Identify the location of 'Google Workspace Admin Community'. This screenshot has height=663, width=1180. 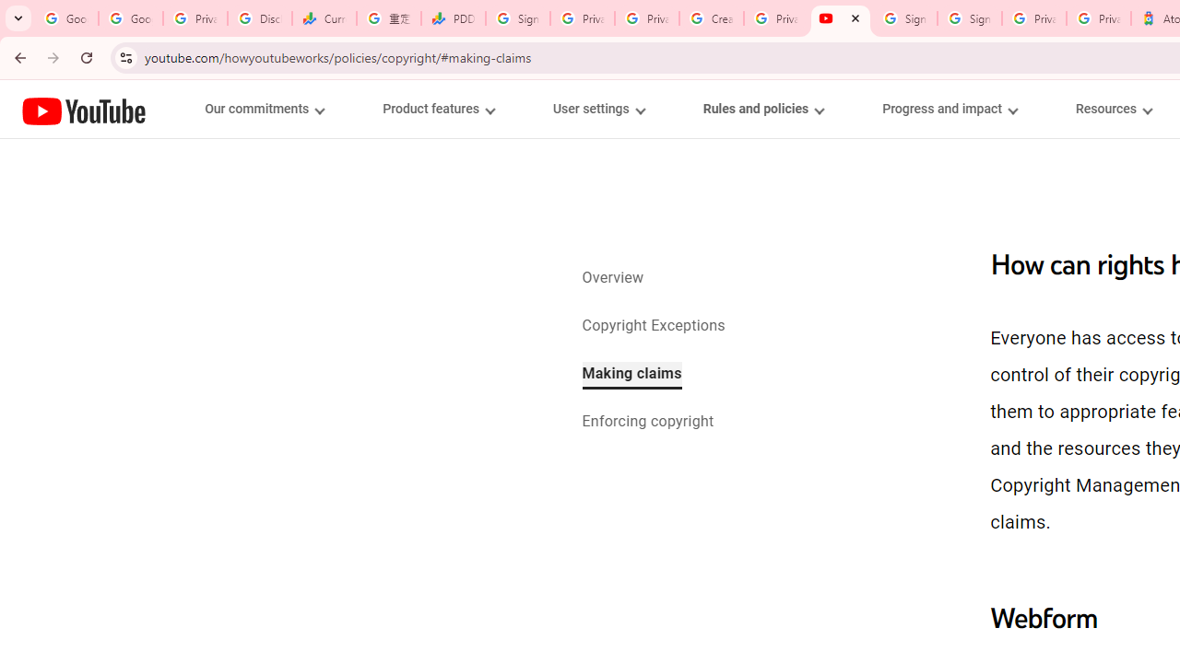
(66, 18).